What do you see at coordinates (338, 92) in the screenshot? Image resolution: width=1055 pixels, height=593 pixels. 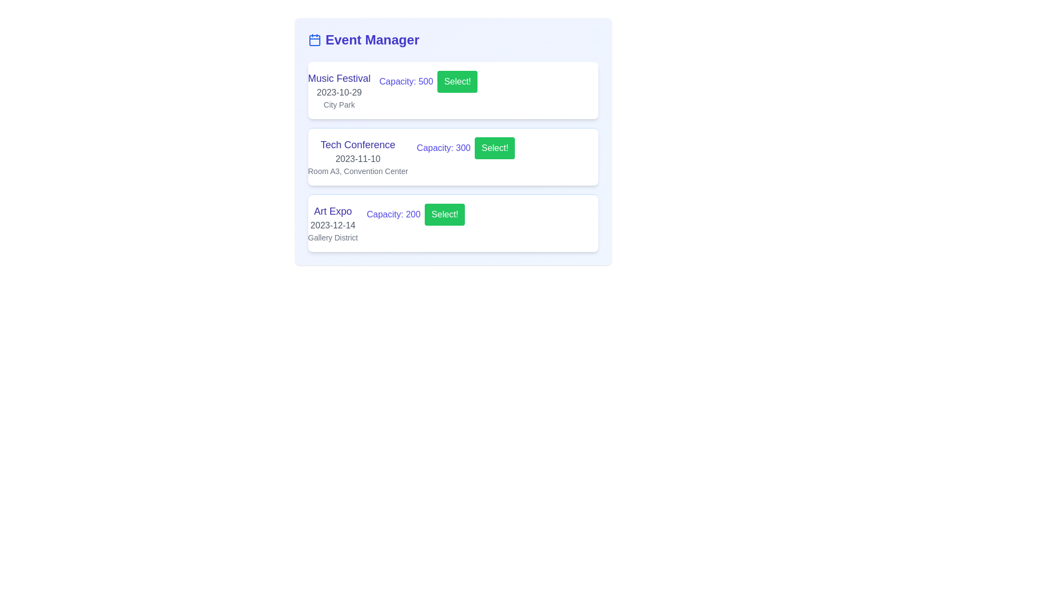 I see `the text display element showing the date '2023-10-29', which is located beneath the event title 'Music Festival' in the 'Event Manager' panel` at bounding box center [338, 92].